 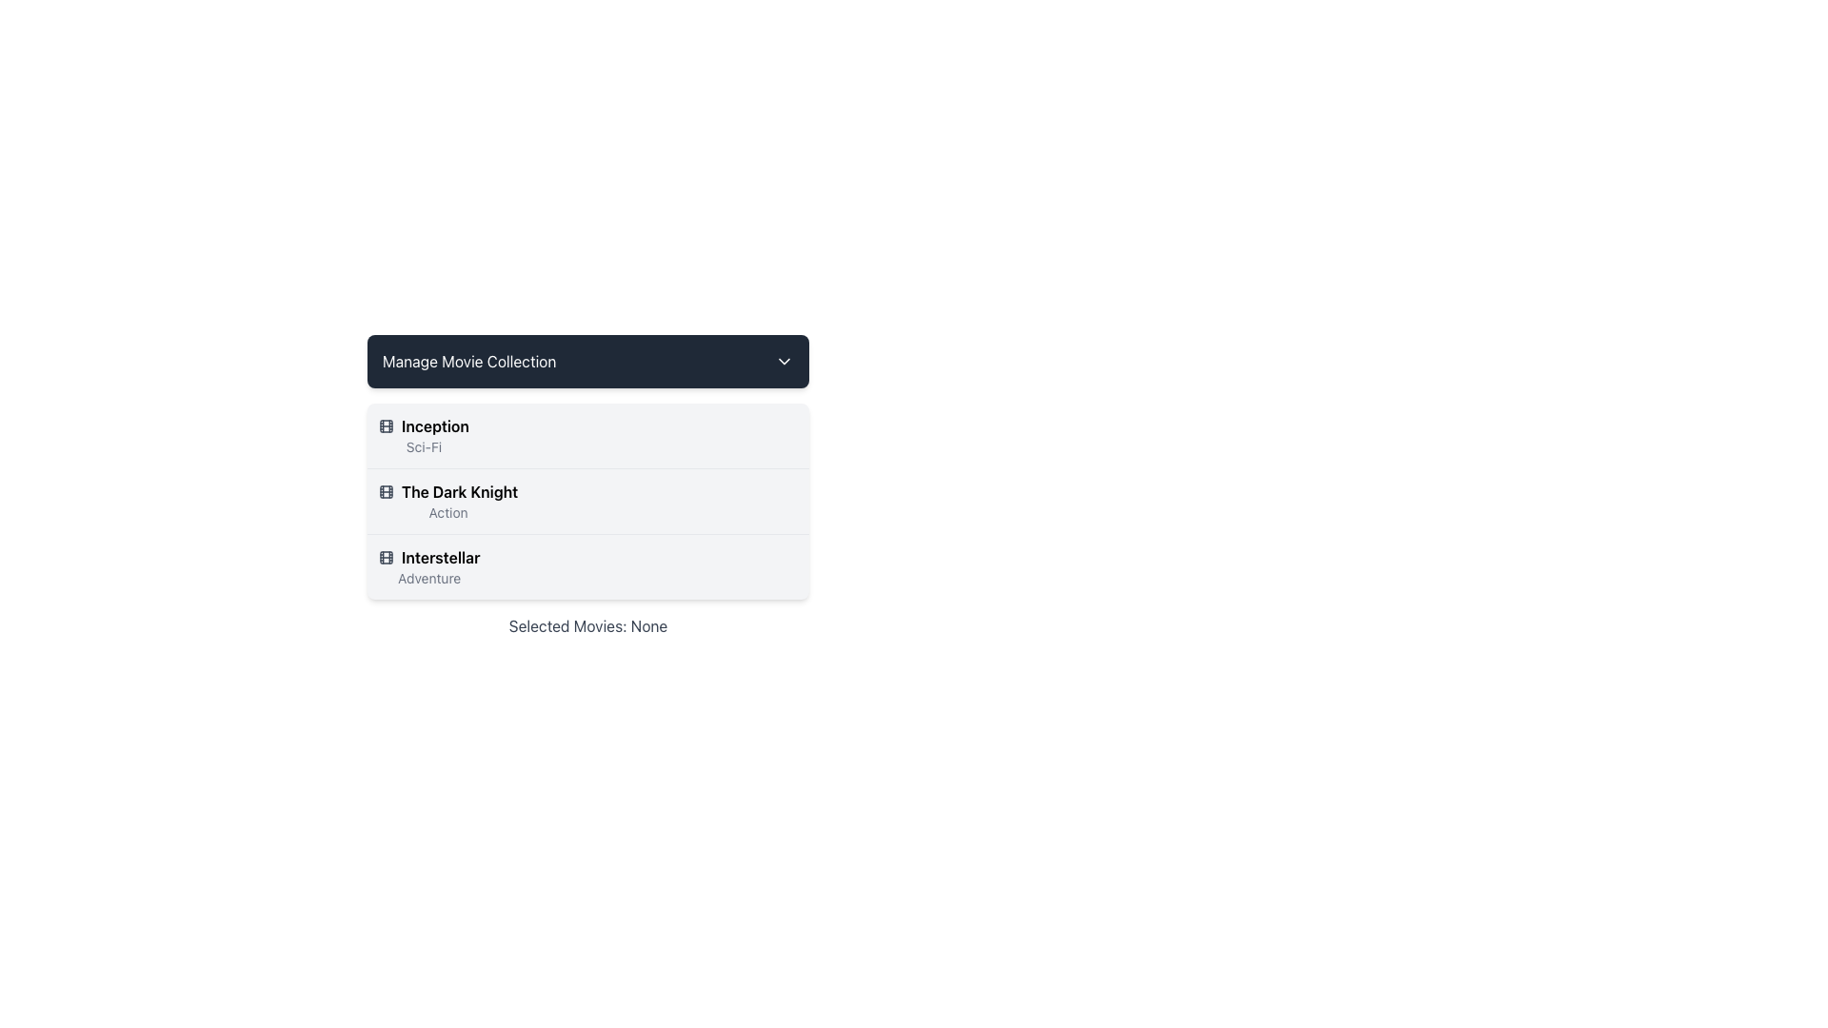 What do you see at coordinates (428, 566) in the screenshot?
I see `text from the label displaying 'Interstellar' in bold and 'Adventure' in regular gray font, located centrally aligned as the third element in the vertical list` at bounding box center [428, 566].